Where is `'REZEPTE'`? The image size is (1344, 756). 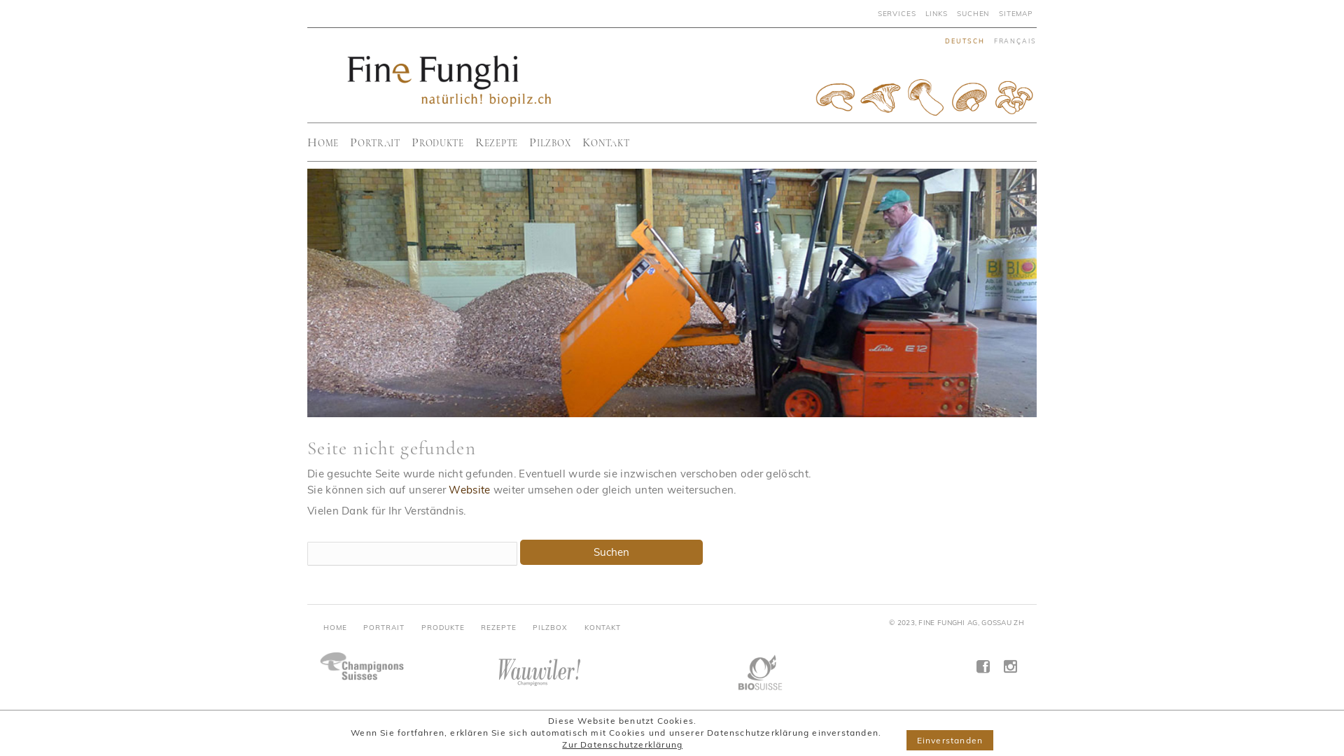
'REZEPTE' is located at coordinates (477, 626).